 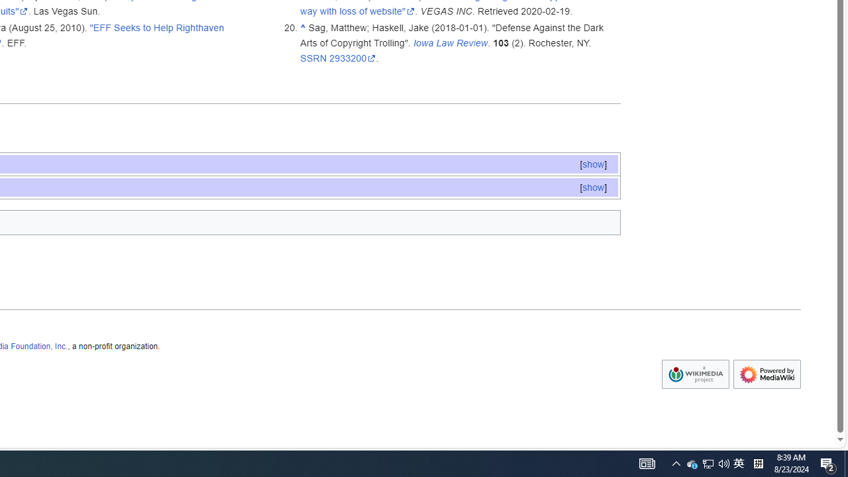 I want to click on 'AutomationID: footer-poweredbyico', so click(x=767, y=374).